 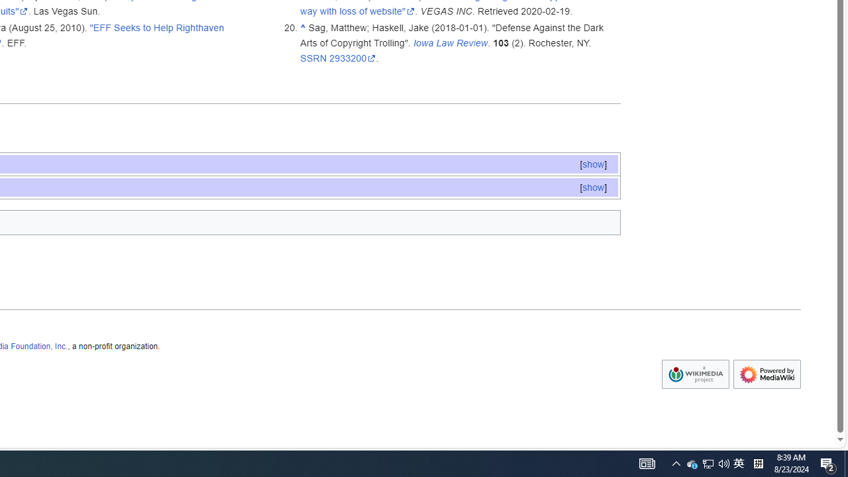 I want to click on 'AutomationID: footer-poweredbyico', so click(x=767, y=374).